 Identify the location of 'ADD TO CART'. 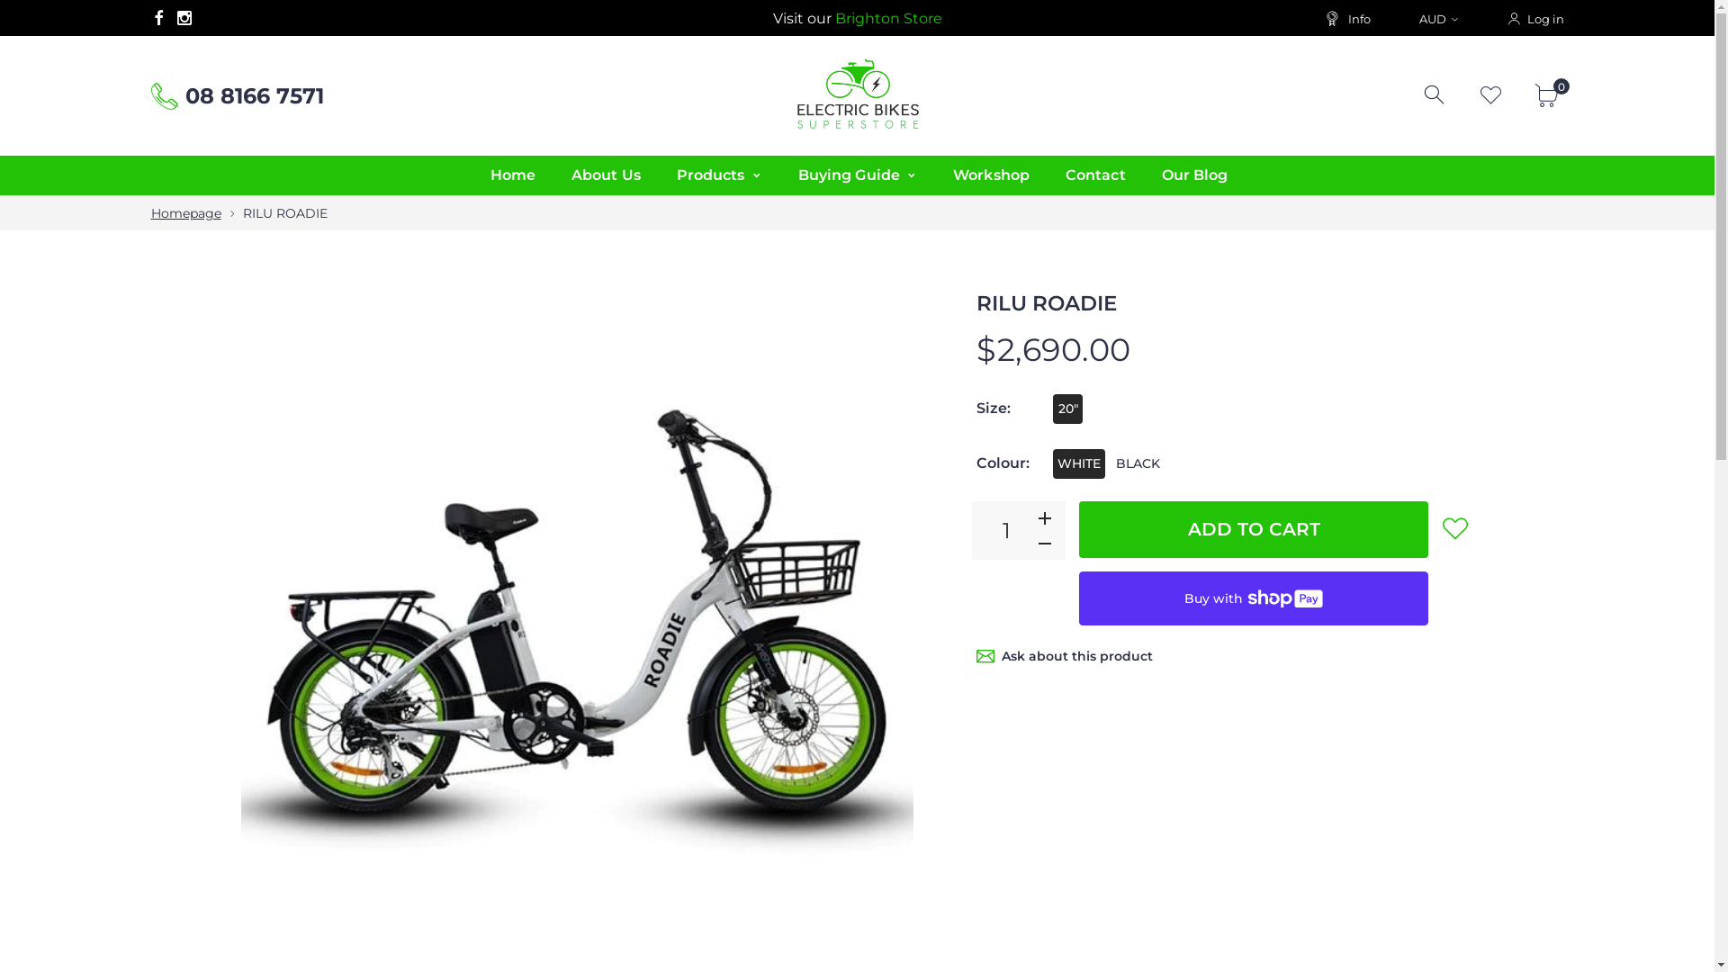
(1252, 528).